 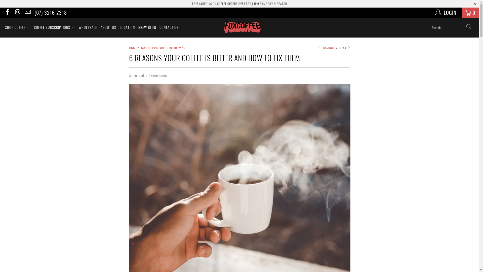 I want to click on 'LOGIN', so click(x=446, y=12).